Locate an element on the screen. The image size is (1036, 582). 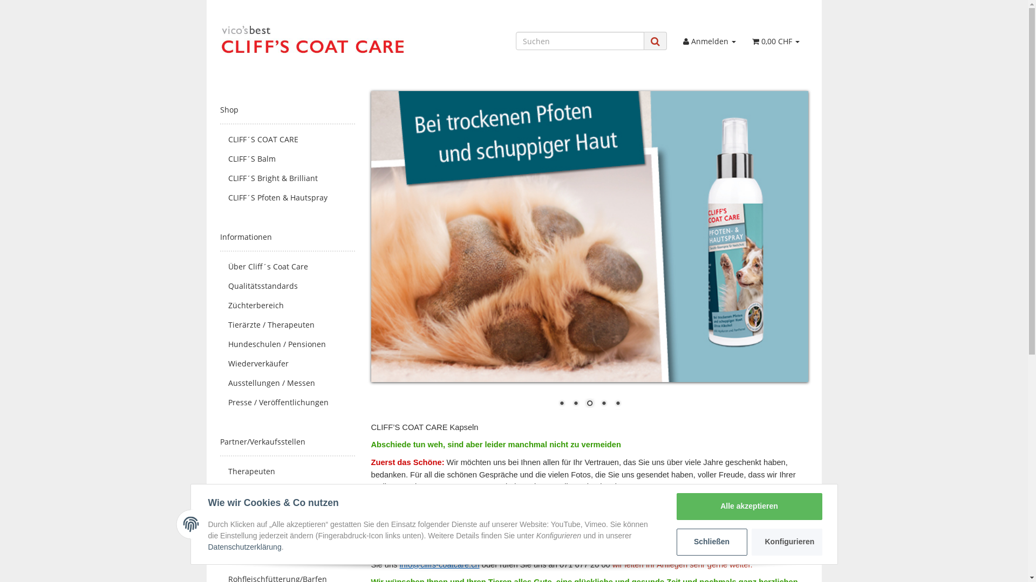
'Therapeuten' is located at coordinates (287, 471).